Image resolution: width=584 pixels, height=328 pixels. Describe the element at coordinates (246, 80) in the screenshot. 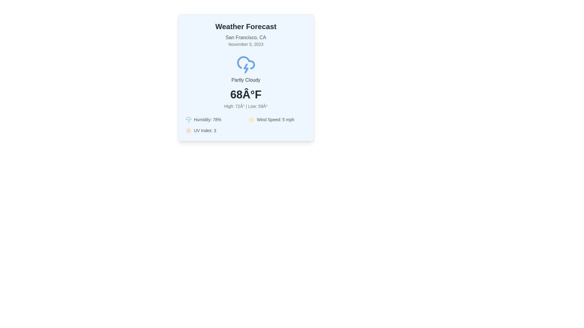

I see `the label element that describes the current weather condition, located directly below the weather icon (cloud with lightning bolt) and above the temperature value ('68°F')` at that location.